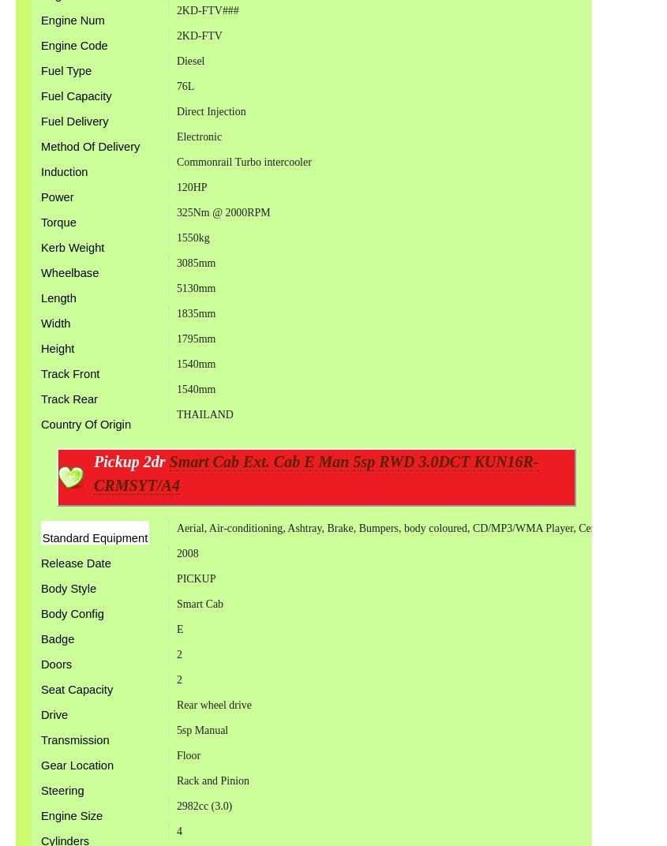  Describe the element at coordinates (55, 663) in the screenshot. I see `'Doors'` at that location.